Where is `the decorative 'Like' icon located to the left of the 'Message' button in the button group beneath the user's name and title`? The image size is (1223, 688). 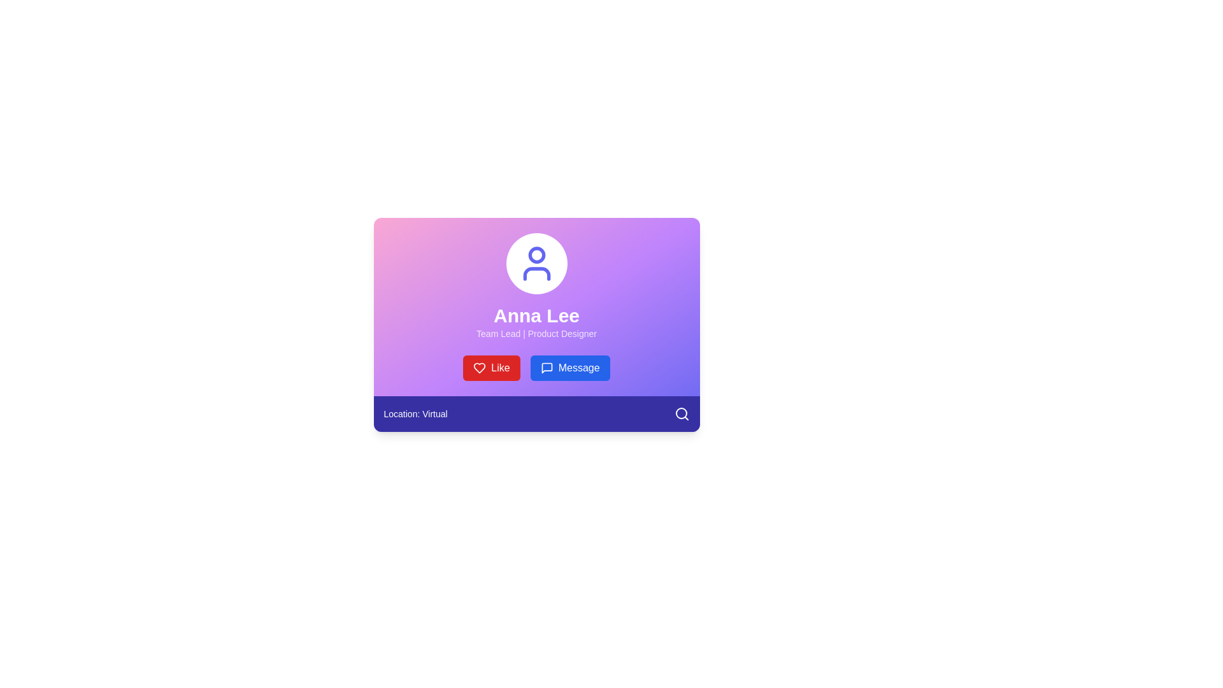 the decorative 'Like' icon located to the left of the 'Message' button in the button group beneath the user's name and title is located at coordinates (479, 368).